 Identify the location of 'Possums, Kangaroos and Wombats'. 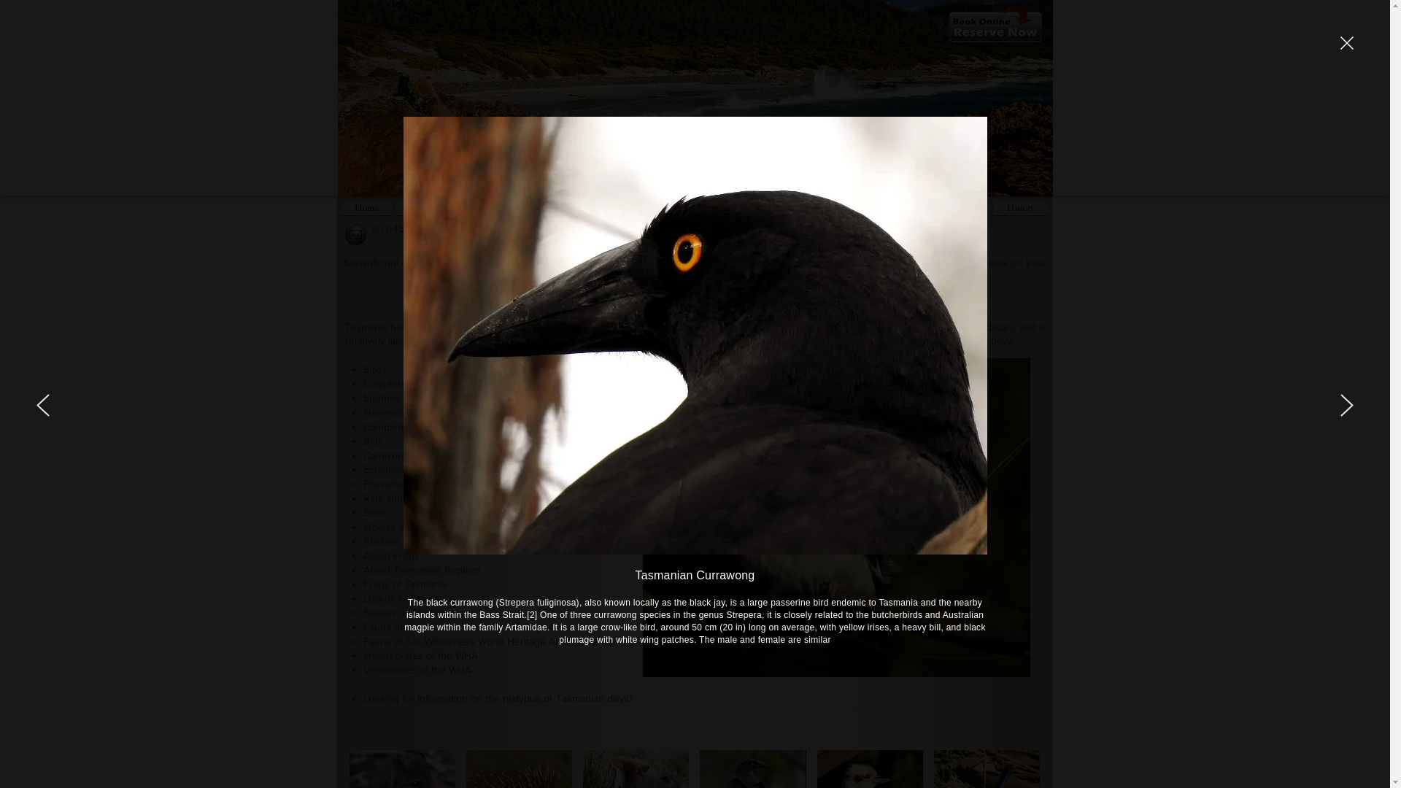
(441, 484).